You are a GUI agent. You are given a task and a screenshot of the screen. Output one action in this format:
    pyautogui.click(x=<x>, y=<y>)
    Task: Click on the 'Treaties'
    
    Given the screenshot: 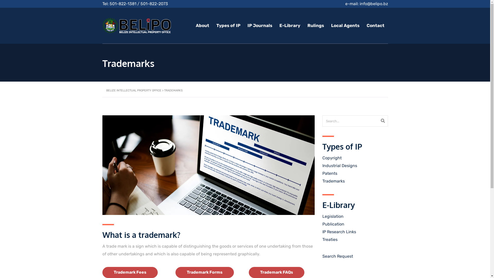 What is the action you would take?
    pyautogui.click(x=330, y=239)
    